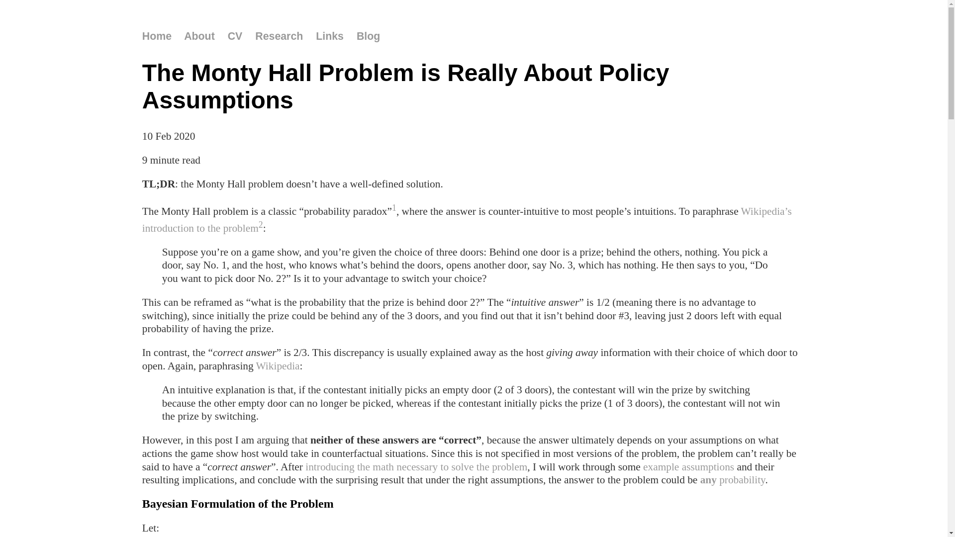 This screenshot has height=537, width=955. Describe the element at coordinates (688, 466) in the screenshot. I see `'example assumptions'` at that location.